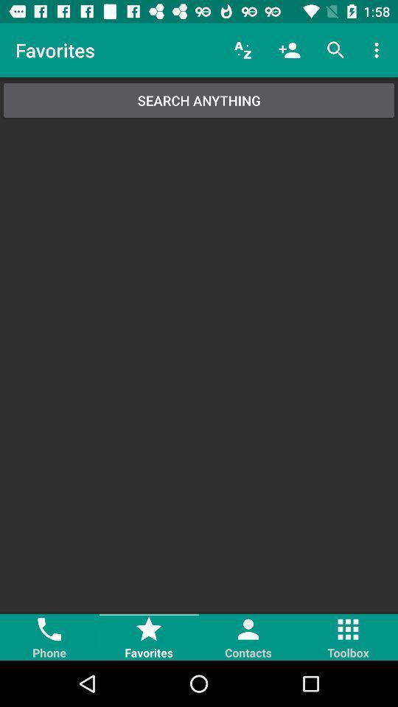 This screenshot has width=398, height=707. I want to click on icon above the search anything item, so click(290, 50).